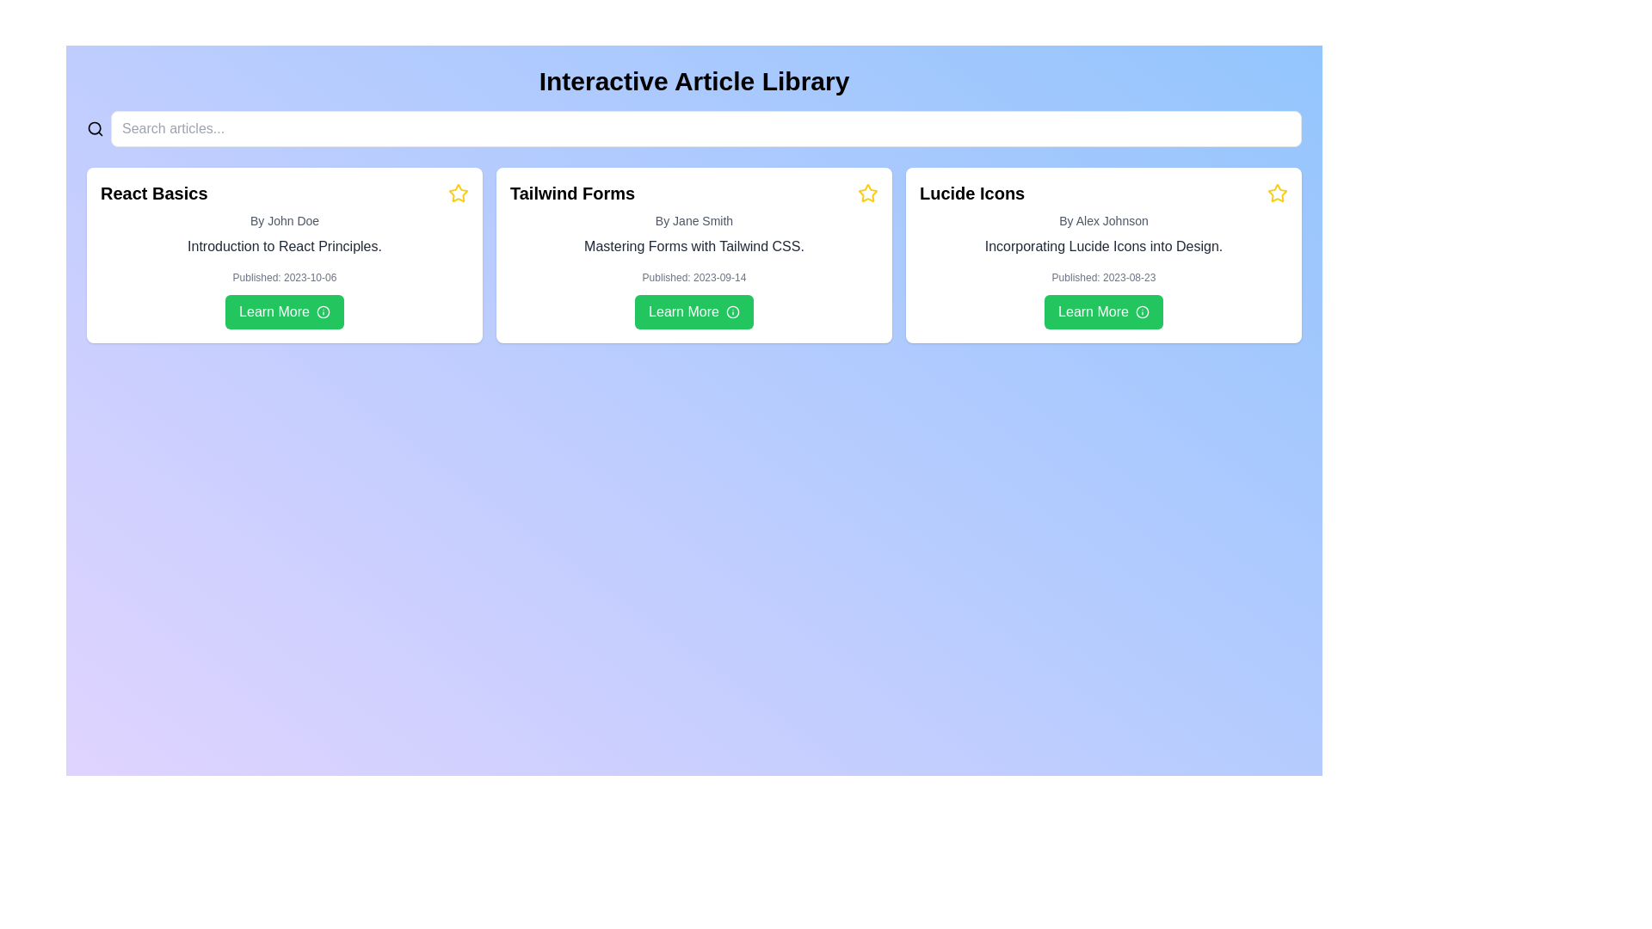 The image size is (1652, 929). What do you see at coordinates (154, 193) in the screenshot?
I see `the 'React Basics' text label located in the top section of the leftmost article card, which is visually distinguished by its bold and larger font style, if it is interactive` at bounding box center [154, 193].